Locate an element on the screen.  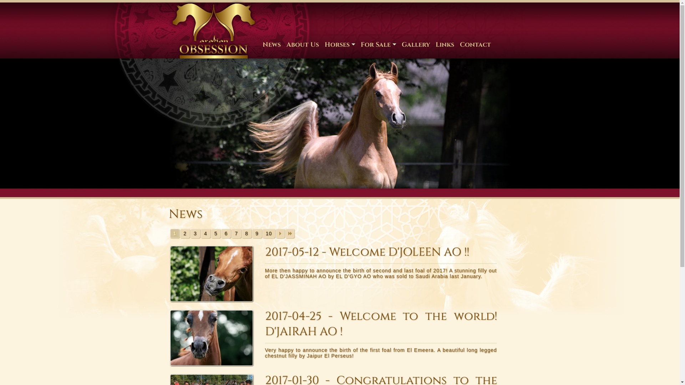
'last page' is located at coordinates (290, 233).